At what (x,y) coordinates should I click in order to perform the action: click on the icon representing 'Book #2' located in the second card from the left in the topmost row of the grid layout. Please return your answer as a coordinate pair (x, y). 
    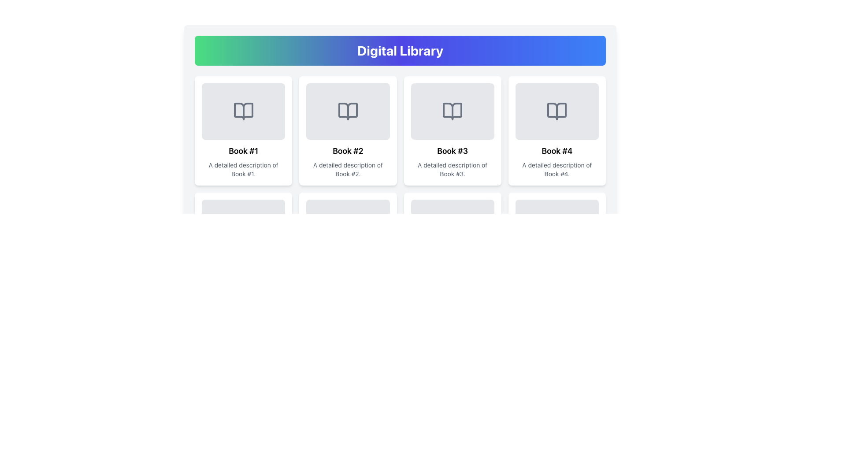
    Looking at the image, I should click on (347, 111).